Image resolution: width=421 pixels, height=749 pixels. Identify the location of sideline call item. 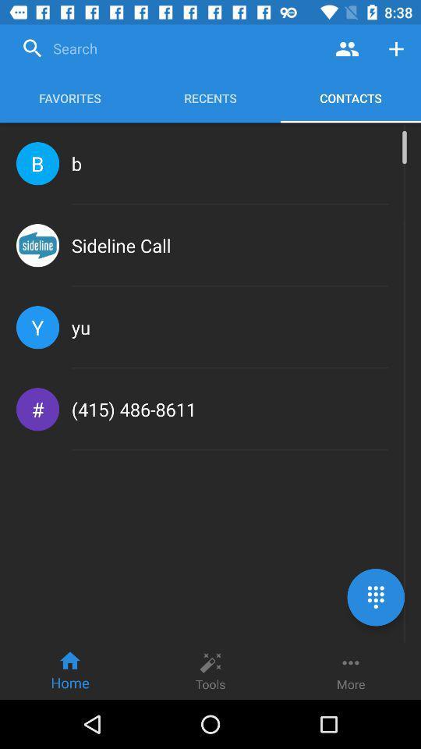
(120, 245).